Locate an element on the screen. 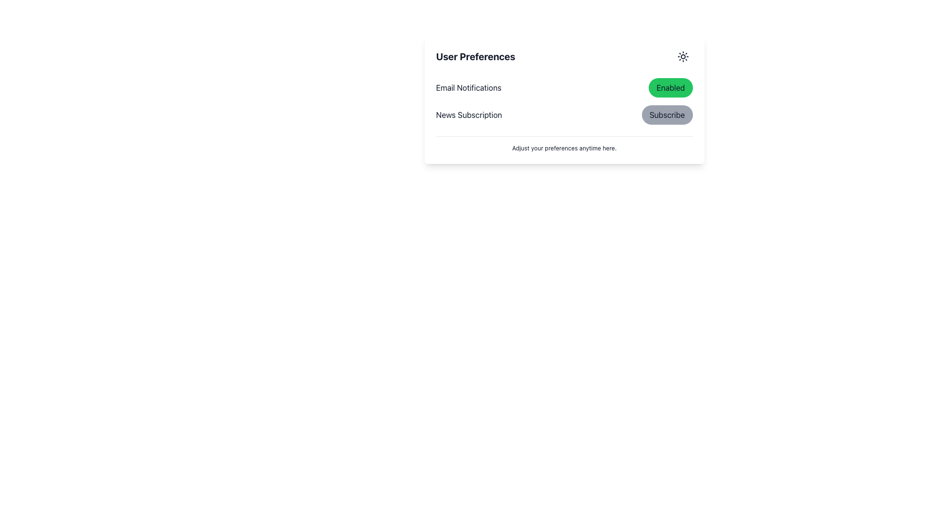 The width and height of the screenshot is (933, 524). the interactive toggle button for 'Email Notifications' is located at coordinates (670, 88).